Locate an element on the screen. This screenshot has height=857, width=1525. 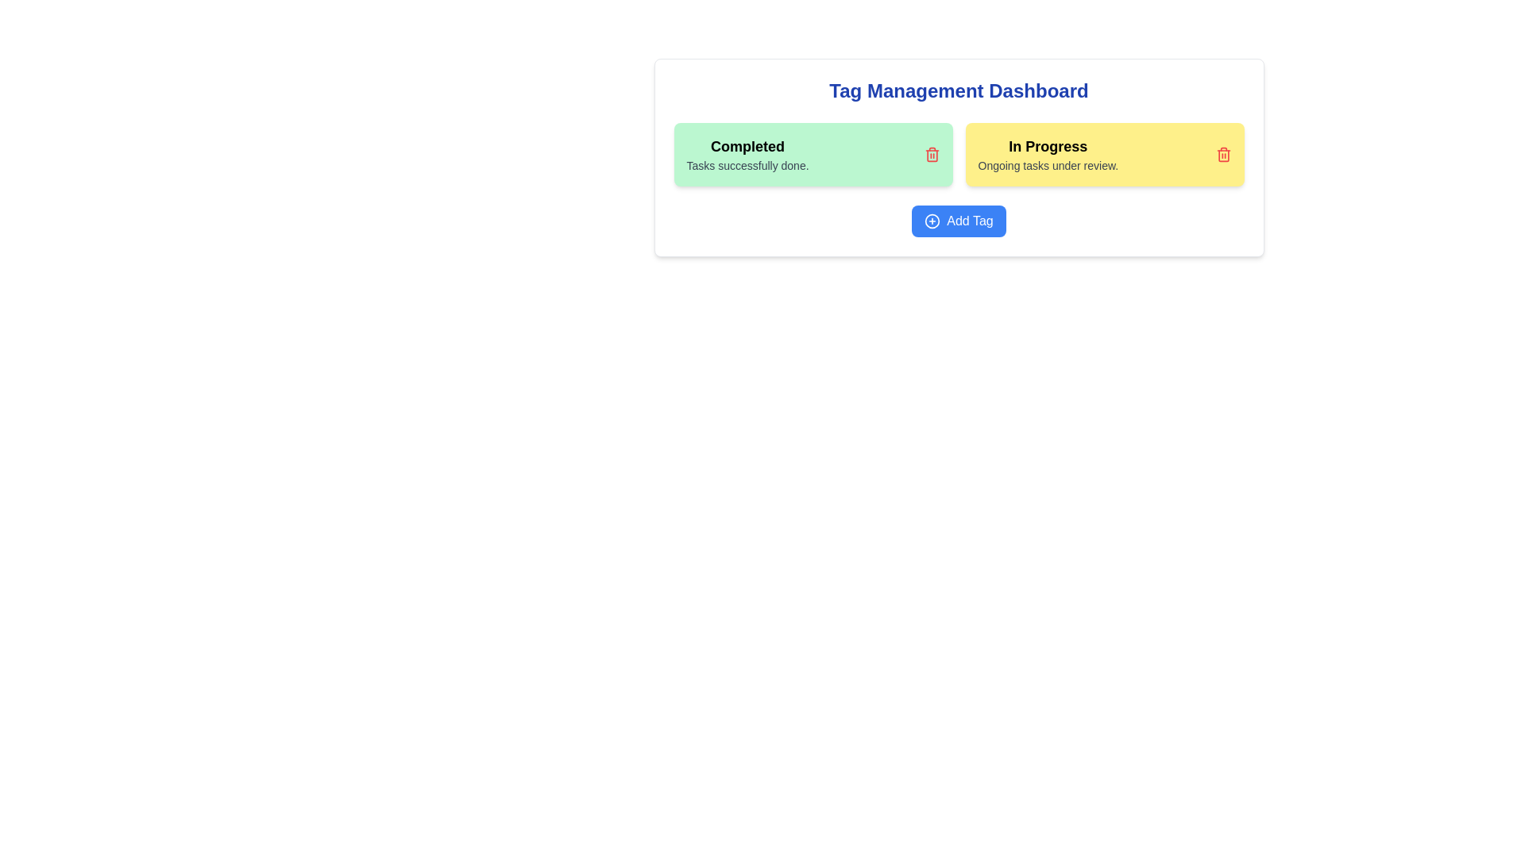
the bold text label reading 'In Progress' which is prominently displayed in a yellow background box, located slightly toward the upper-right corner of the page is located at coordinates (1048, 147).